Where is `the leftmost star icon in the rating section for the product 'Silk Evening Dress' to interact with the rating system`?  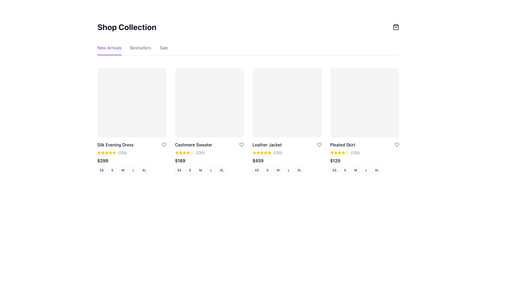
the leftmost star icon in the rating section for the product 'Silk Evening Dress' to interact with the rating system is located at coordinates (114, 153).